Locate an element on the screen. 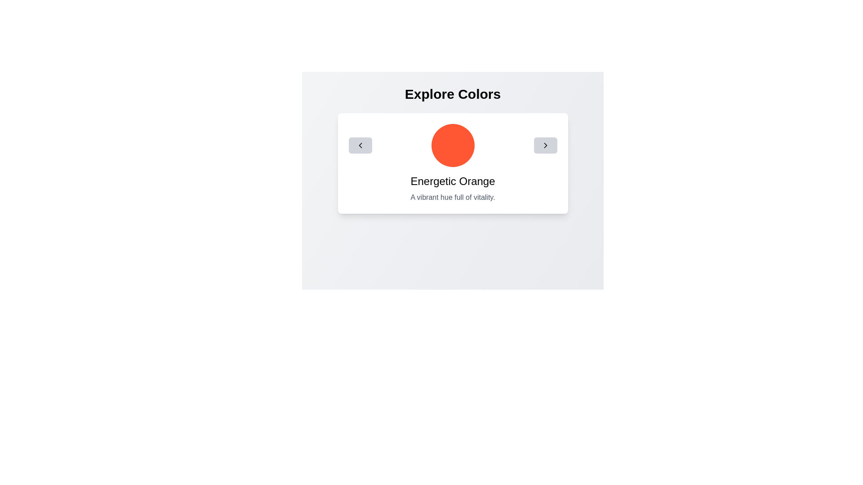 The image size is (863, 485). the chevron-left SVG icon, which is a black stroke leftward arrow located inside a rectangular button on the left side of the layout is located at coordinates (360, 145).